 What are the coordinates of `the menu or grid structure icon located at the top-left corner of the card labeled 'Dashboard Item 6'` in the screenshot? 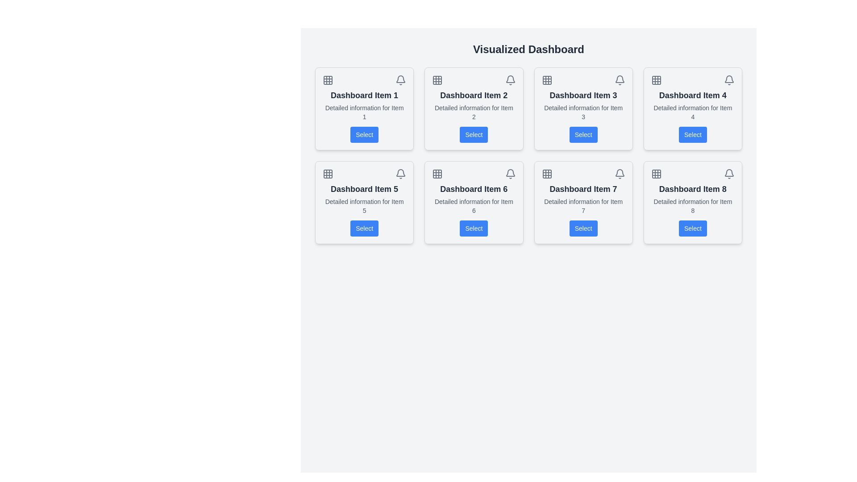 It's located at (437, 174).